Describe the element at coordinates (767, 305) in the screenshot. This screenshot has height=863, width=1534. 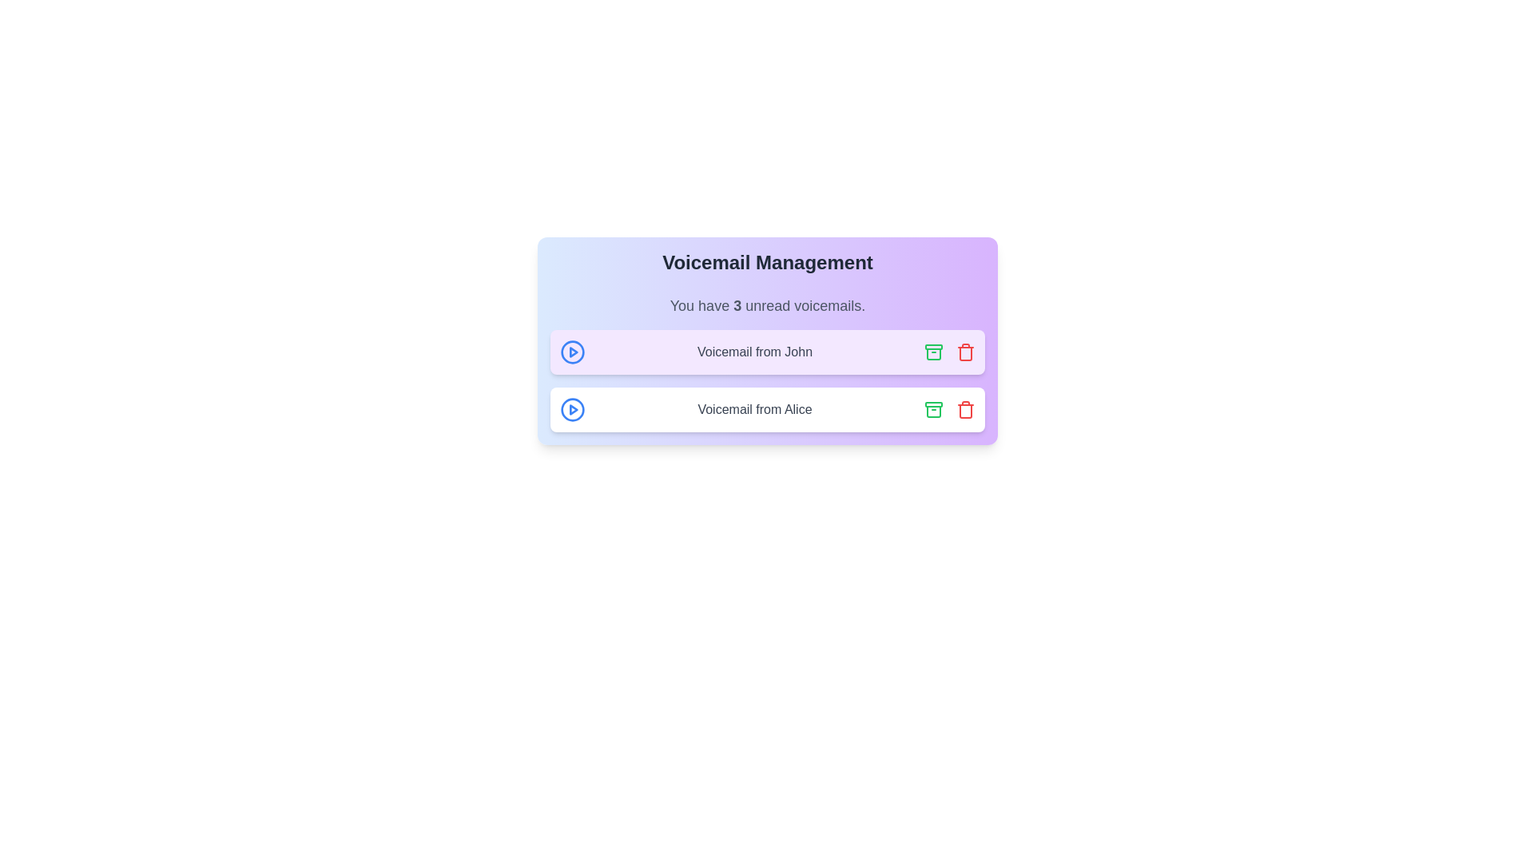
I see `information displayed in the Text label that indicates the count of unread voicemails, located in the 'Voicemail Management' card, positioned below the title and above the list of voicemails` at that location.